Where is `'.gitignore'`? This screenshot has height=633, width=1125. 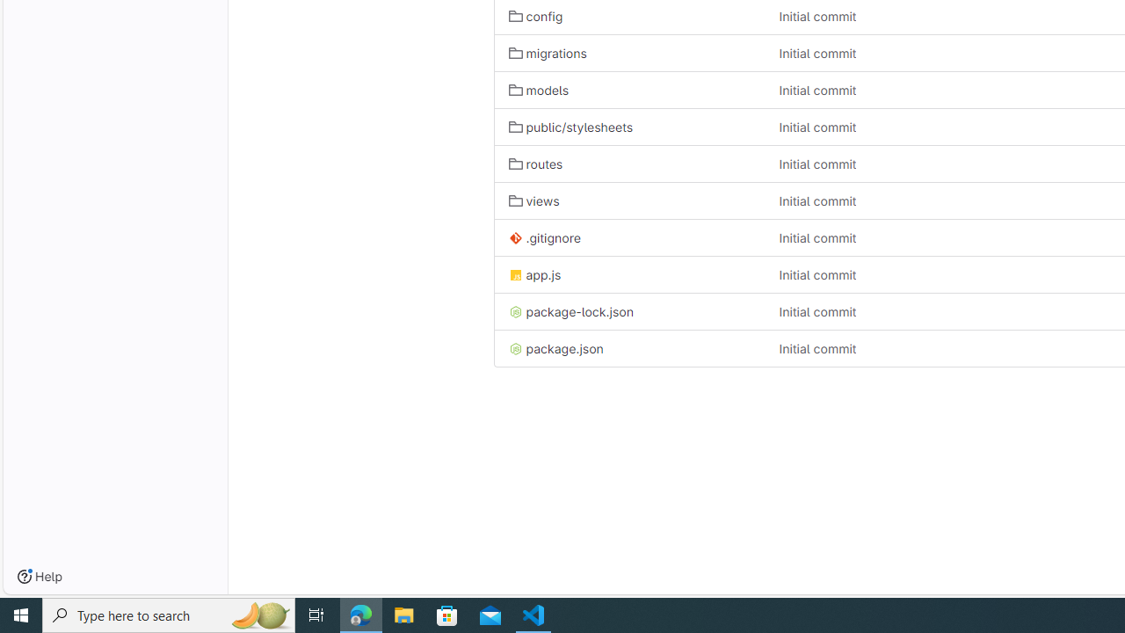
'.gitignore' is located at coordinates (543, 238).